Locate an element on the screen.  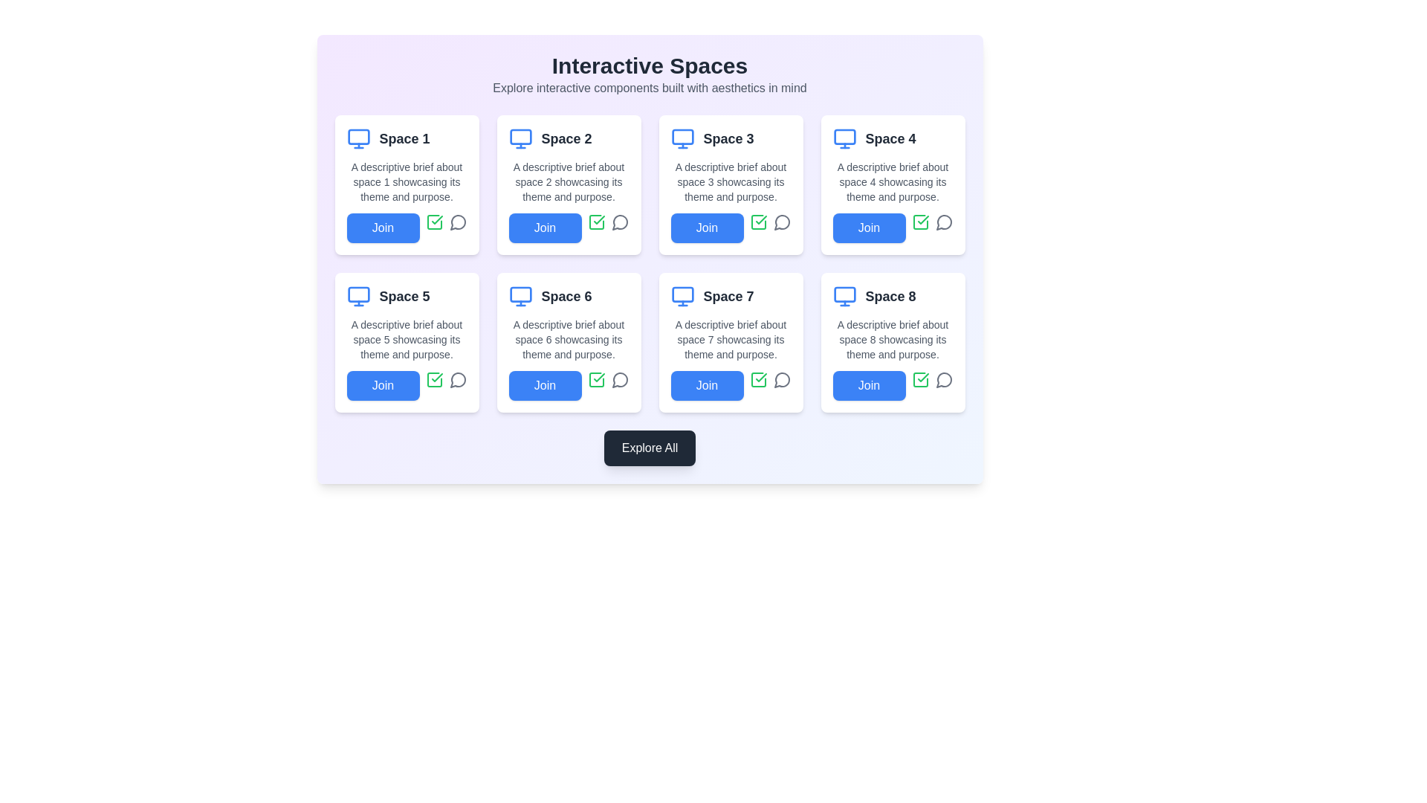
the check mark icon located in the third card of the top row labeled 'Space 3', which indicates status and is positioned to the right of the 'Join' button is located at coordinates (760, 220).